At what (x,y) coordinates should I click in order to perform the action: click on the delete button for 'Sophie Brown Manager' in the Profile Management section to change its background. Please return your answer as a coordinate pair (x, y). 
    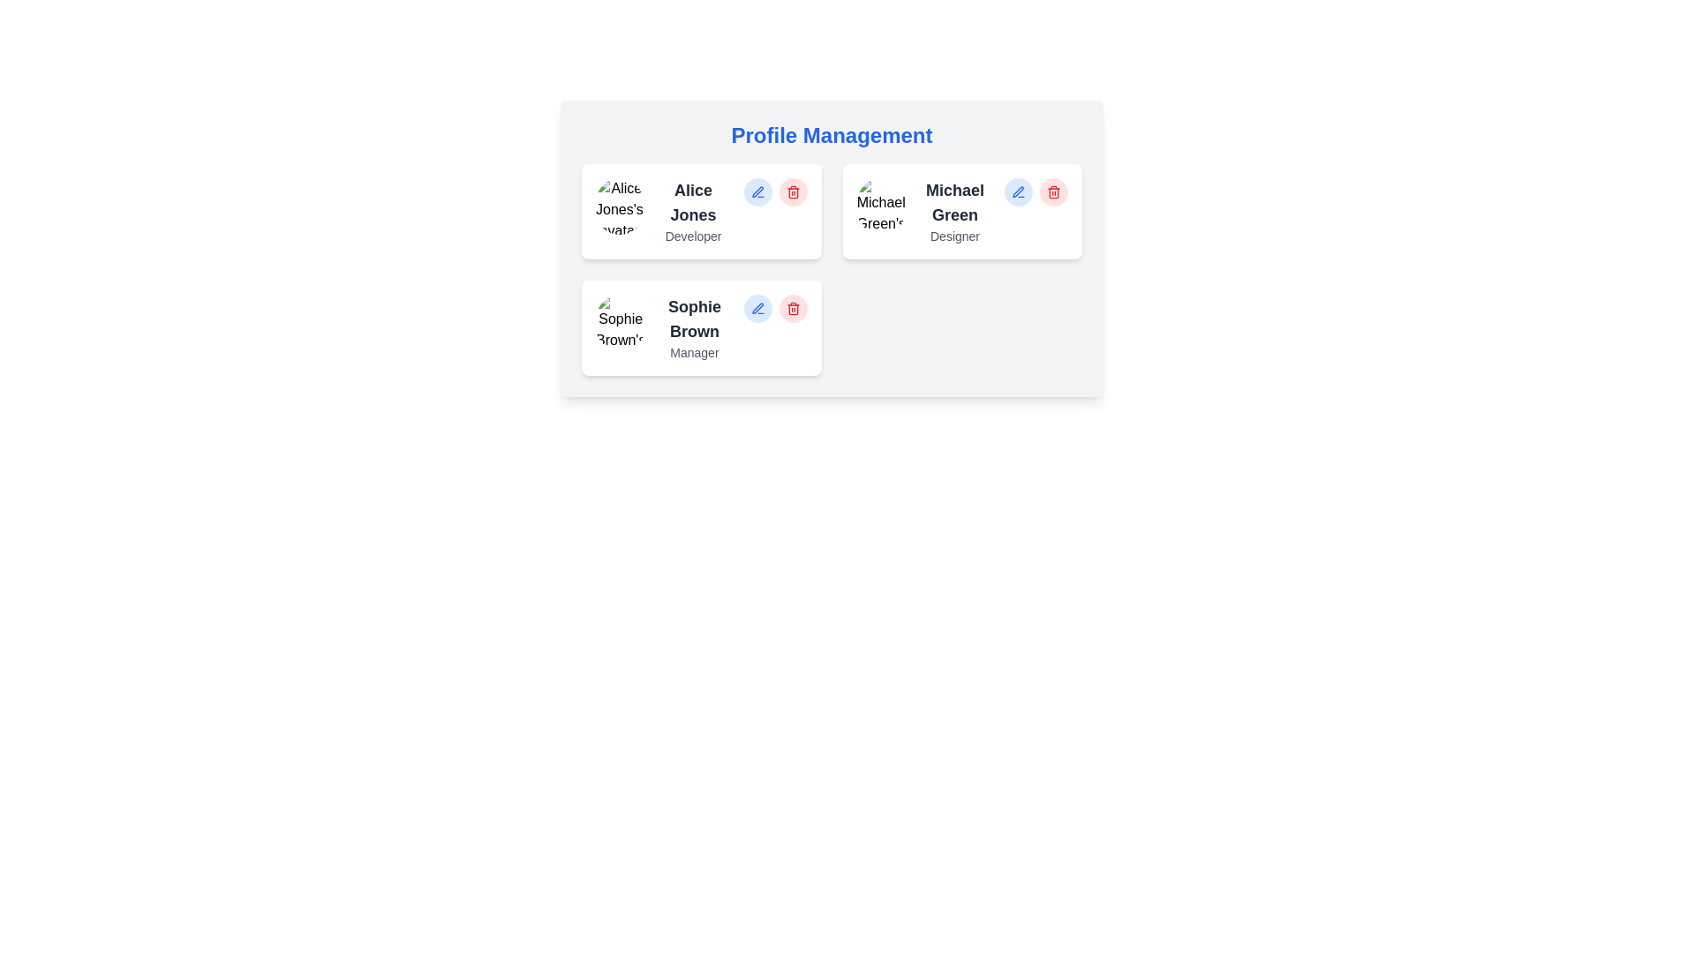
    Looking at the image, I should click on (792, 308).